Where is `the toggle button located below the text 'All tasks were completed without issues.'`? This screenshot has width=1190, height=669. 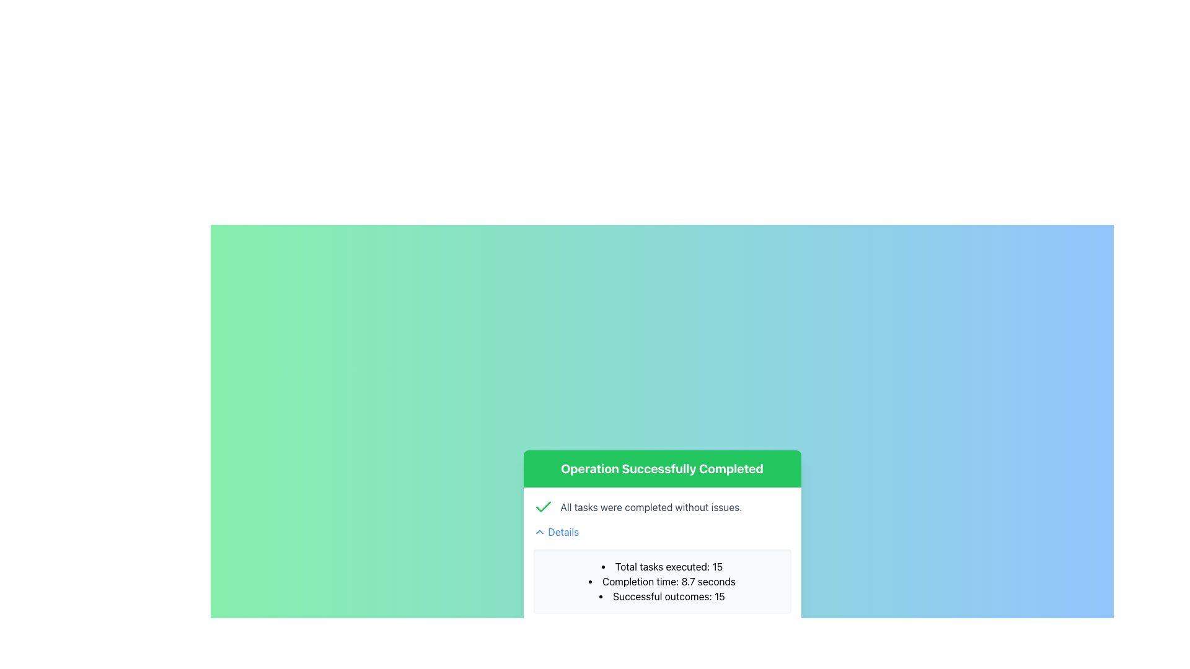 the toggle button located below the text 'All tasks were completed without issues.' is located at coordinates (555, 531).